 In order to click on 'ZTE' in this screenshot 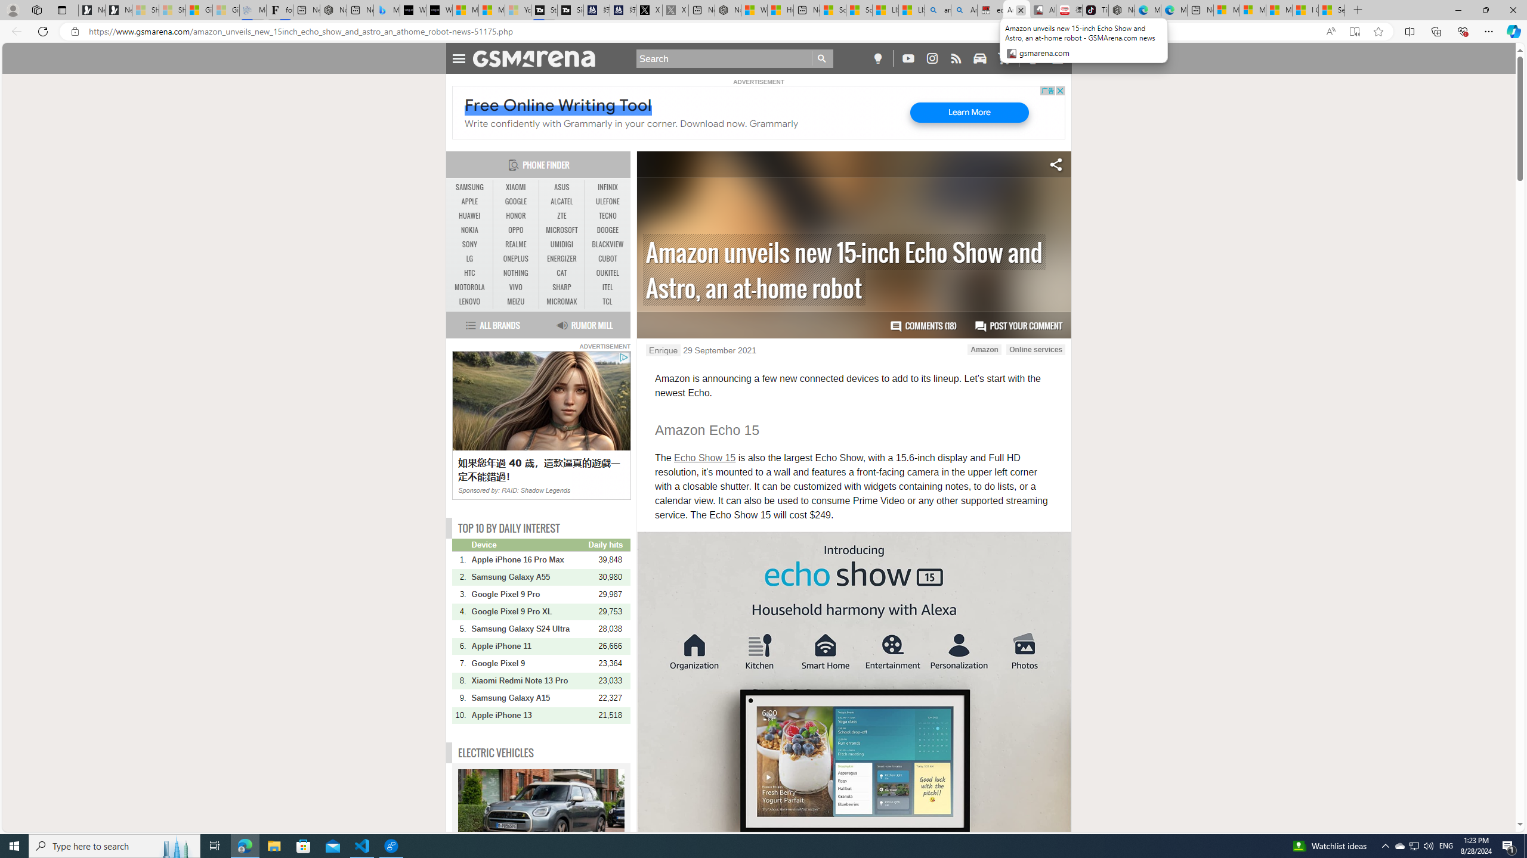, I will do `click(561, 215)`.